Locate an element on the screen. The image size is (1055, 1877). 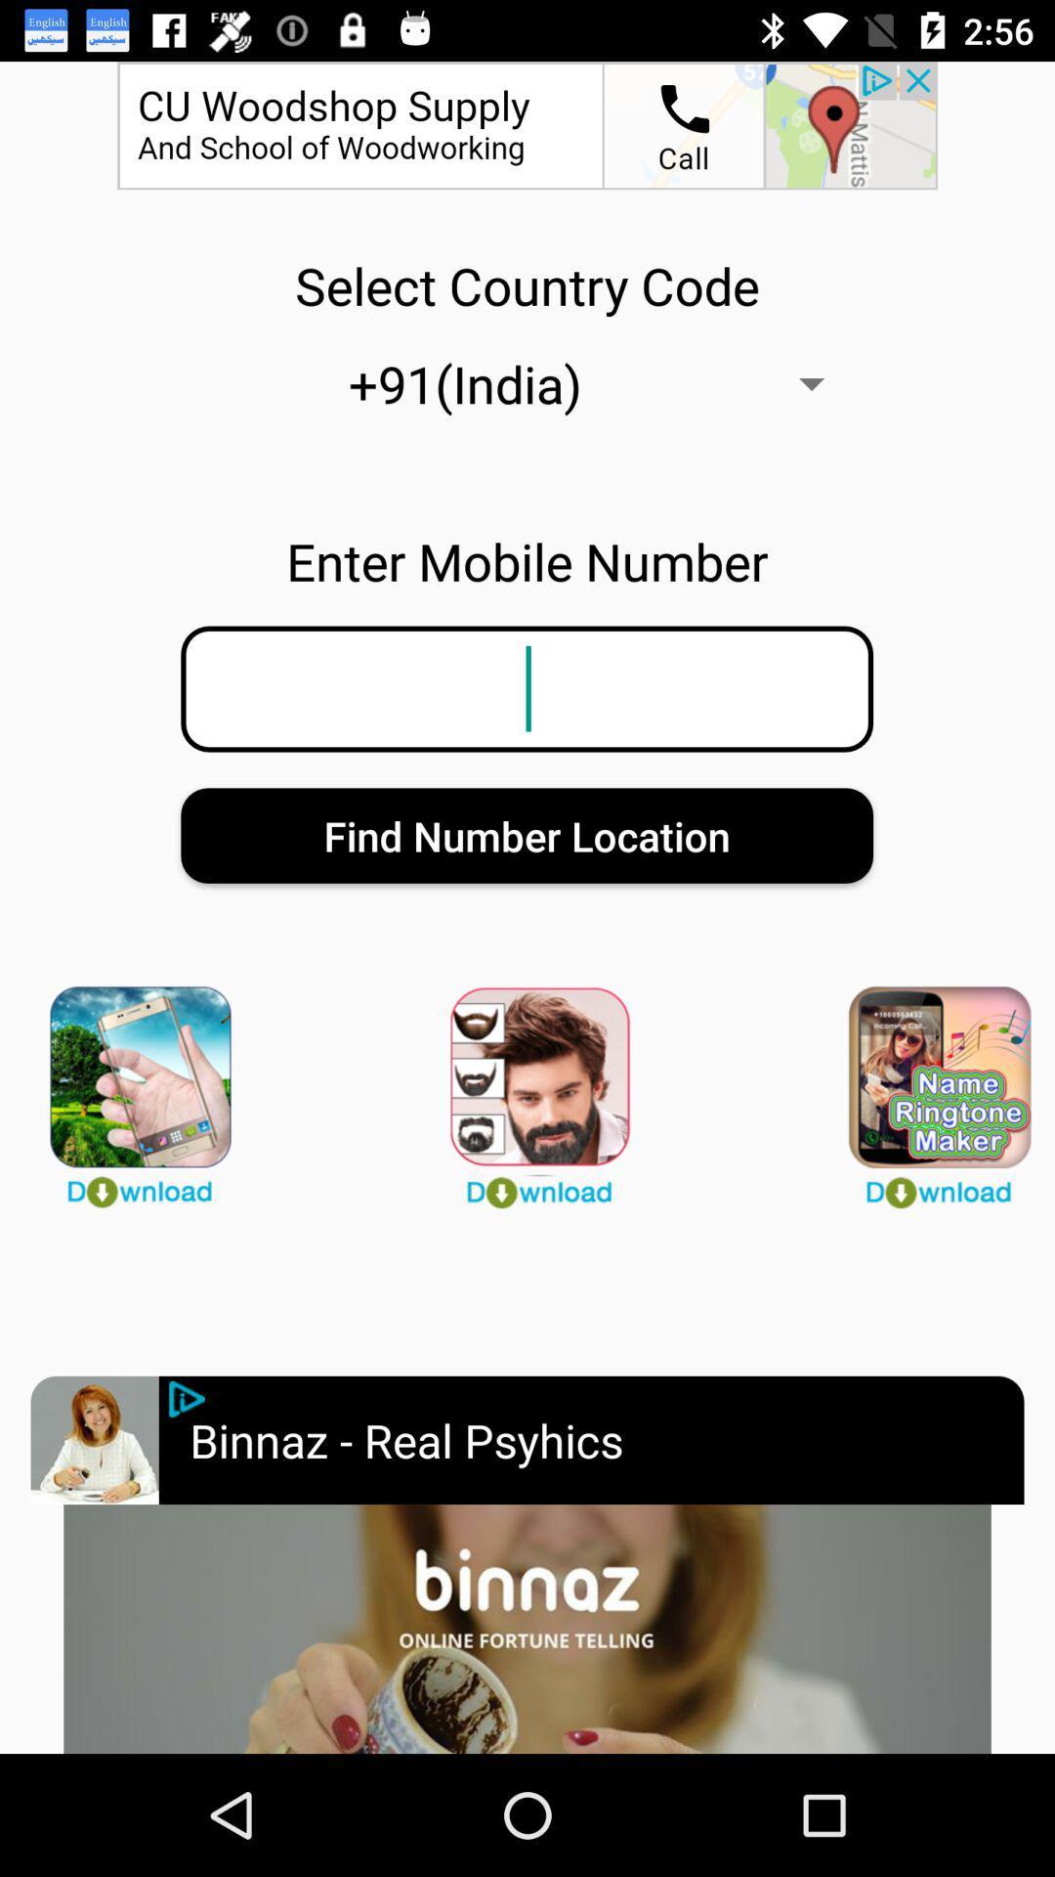
download name ringtone maker app is located at coordinates (925, 1087).